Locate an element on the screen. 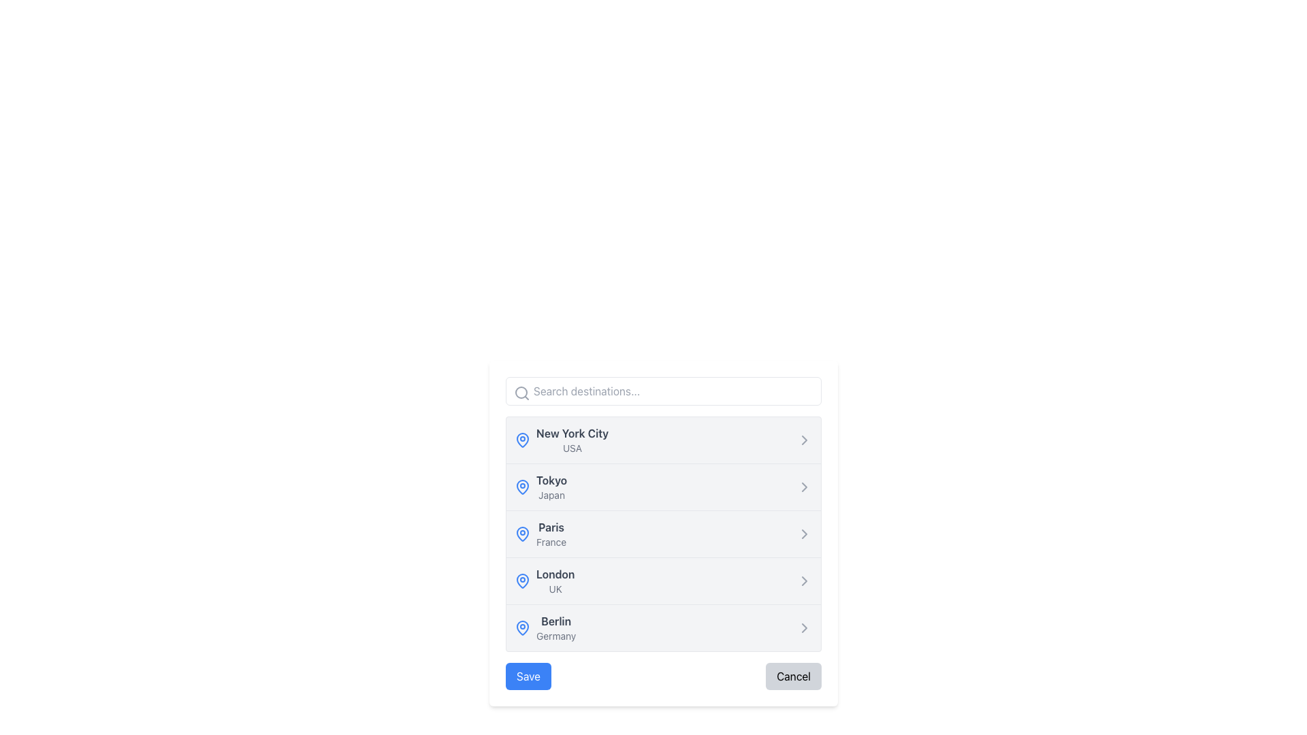 The width and height of the screenshot is (1307, 735). the right-pointing chevron arrow icon located in the third list item next to 'Paris' and 'France' is located at coordinates (804, 534).